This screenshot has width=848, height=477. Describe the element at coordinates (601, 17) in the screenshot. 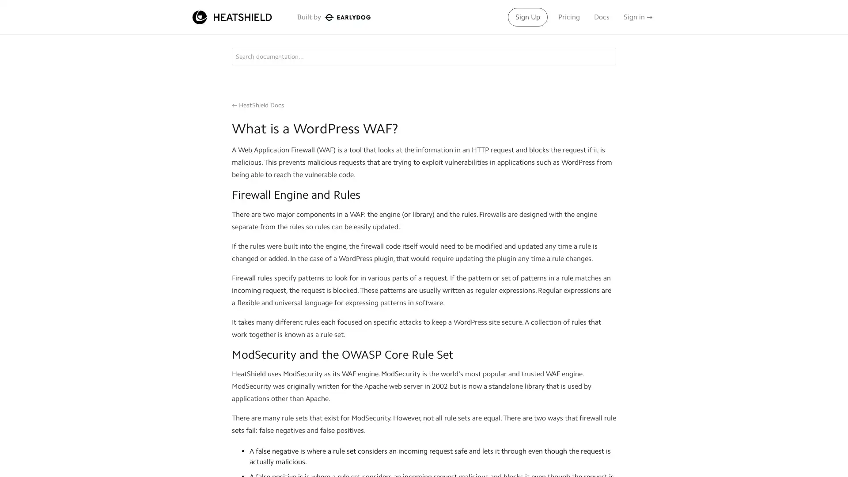

I see `Docs` at that location.